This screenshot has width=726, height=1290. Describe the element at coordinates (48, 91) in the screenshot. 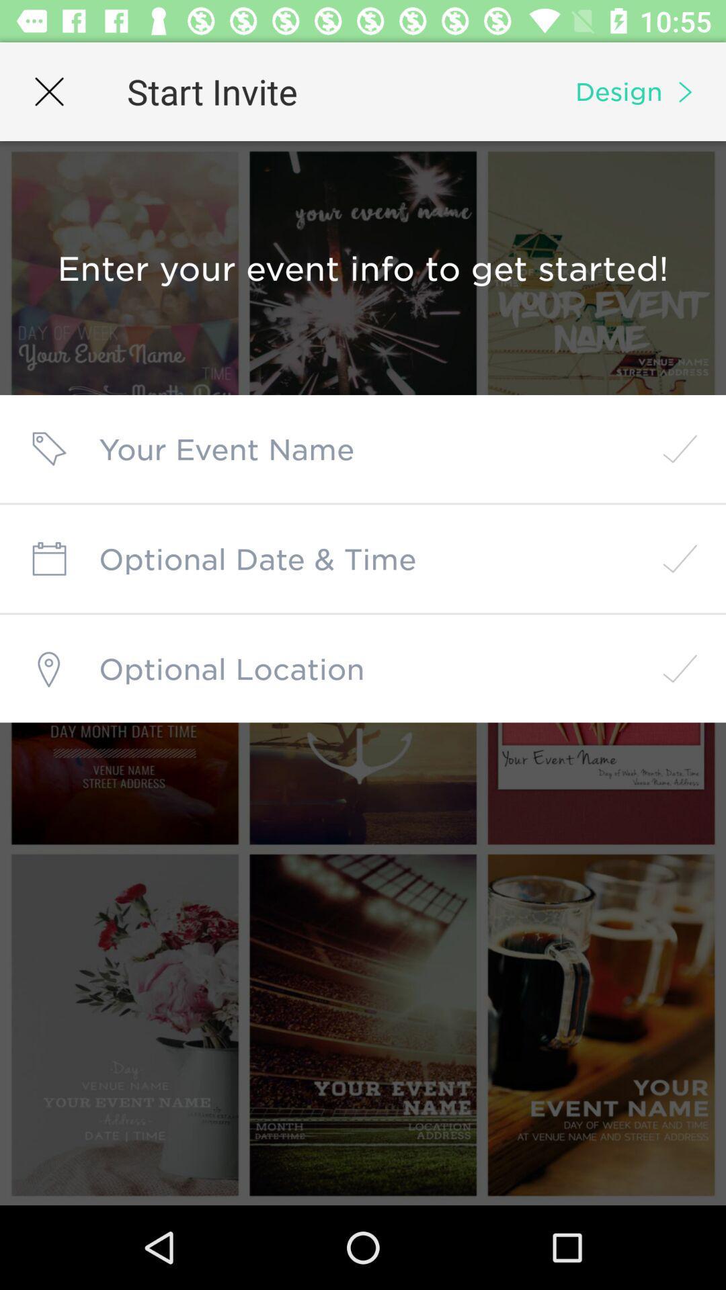

I see `the icon to the left of start invite` at that location.